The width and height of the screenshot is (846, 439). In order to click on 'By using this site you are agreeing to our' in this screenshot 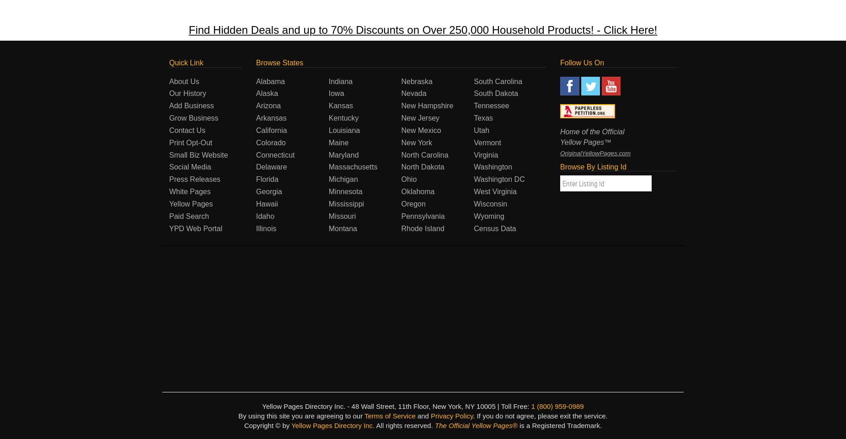, I will do `click(301, 415)`.